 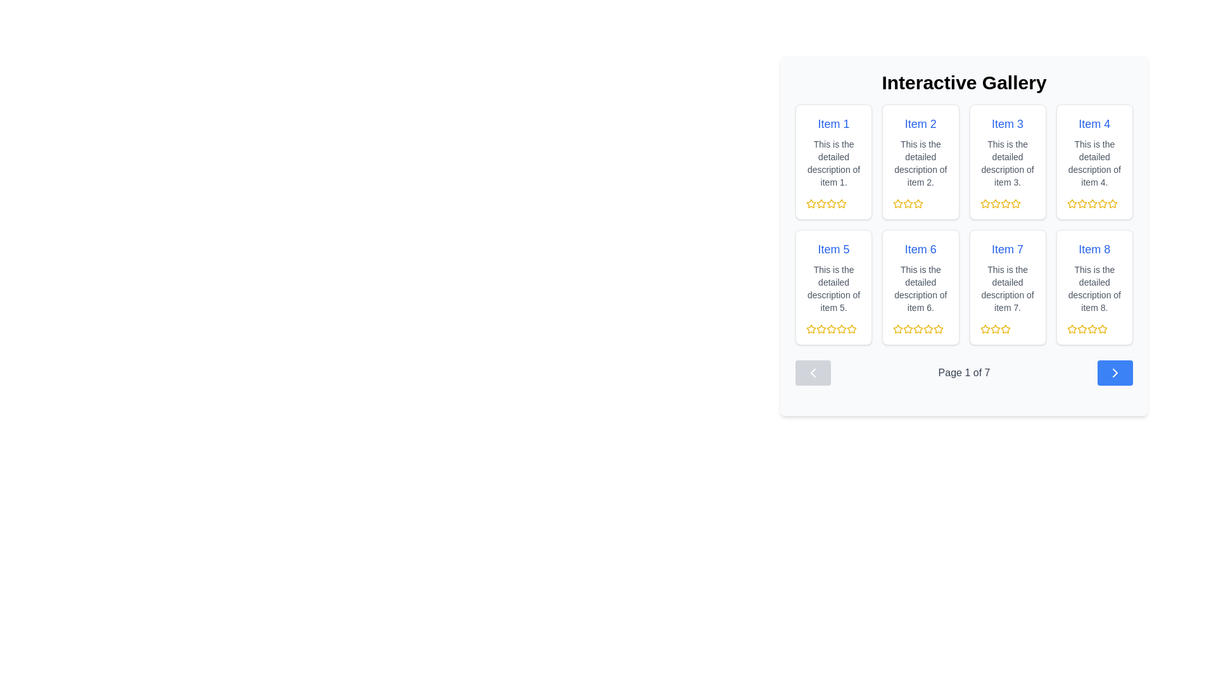 What do you see at coordinates (918, 203) in the screenshot?
I see `the fourth star in the group of five stars used for rating the item labeled 'Item 2' in the interactive gallery` at bounding box center [918, 203].